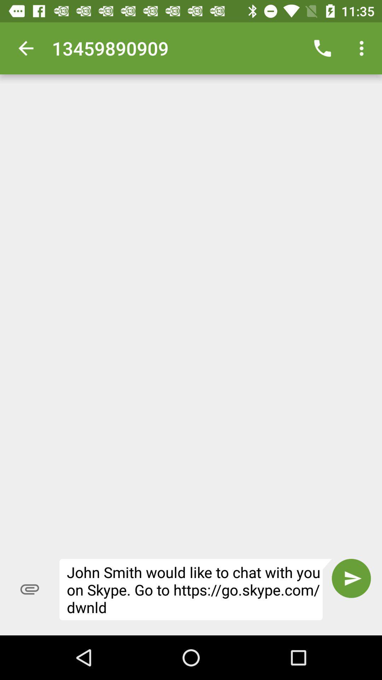 Image resolution: width=382 pixels, height=680 pixels. I want to click on icon at the bottom left corner, so click(29, 589).